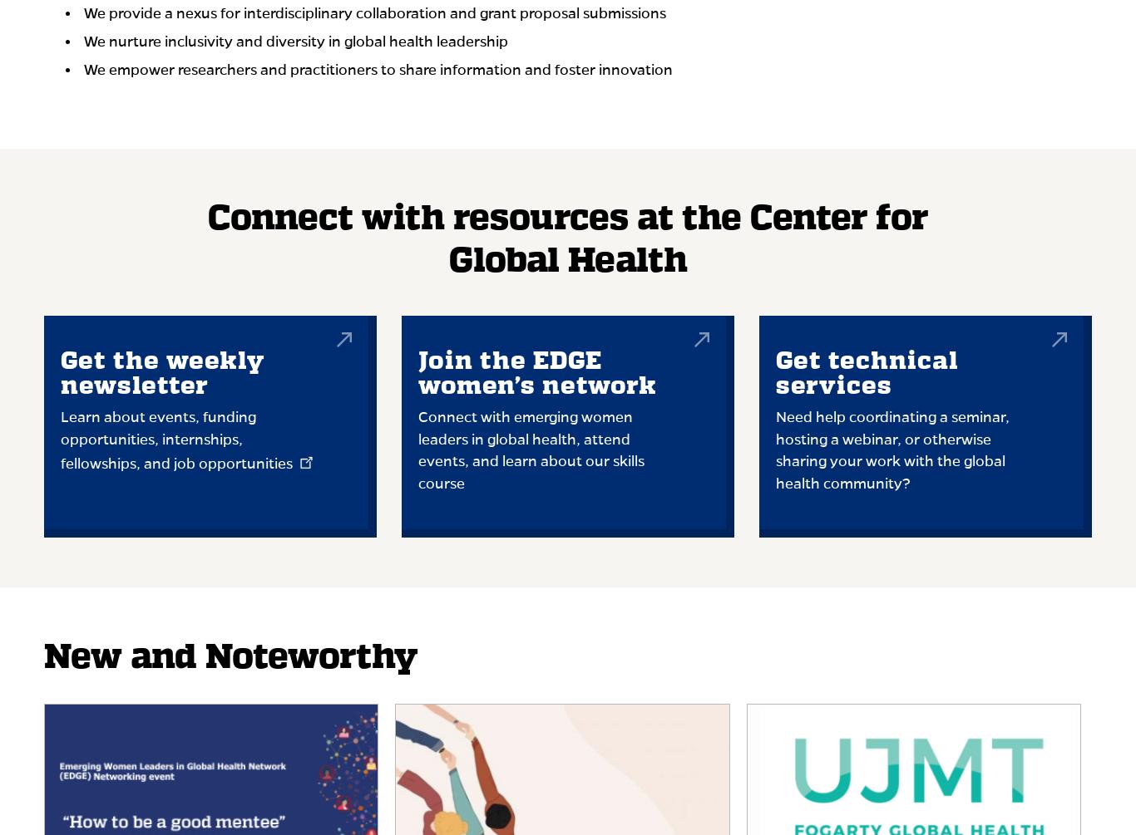 Image resolution: width=1136 pixels, height=835 pixels. What do you see at coordinates (161, 374) in the screenshot?
I see `'Get the weekly newsletter'` at bounding box center [161, 374].